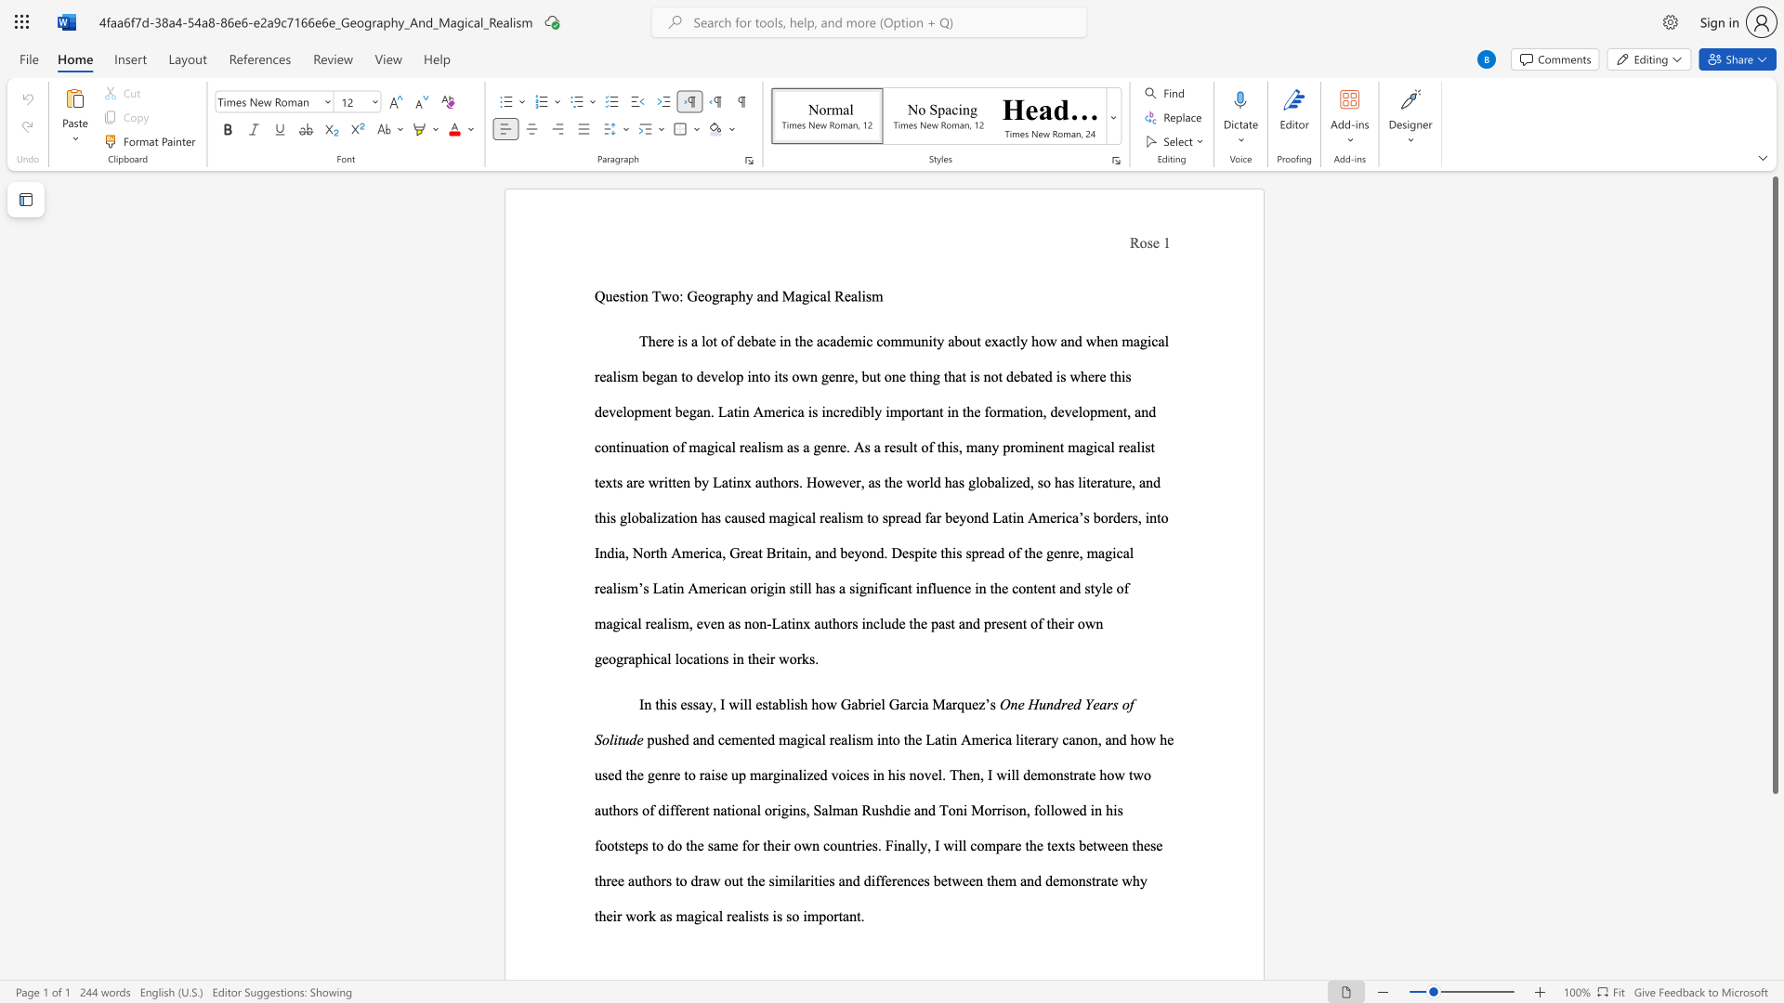  What do you see at coordinates (868, 295) in the screenshot?
I see `the 2th character "s" in the text` at bounding box center [868, 295].